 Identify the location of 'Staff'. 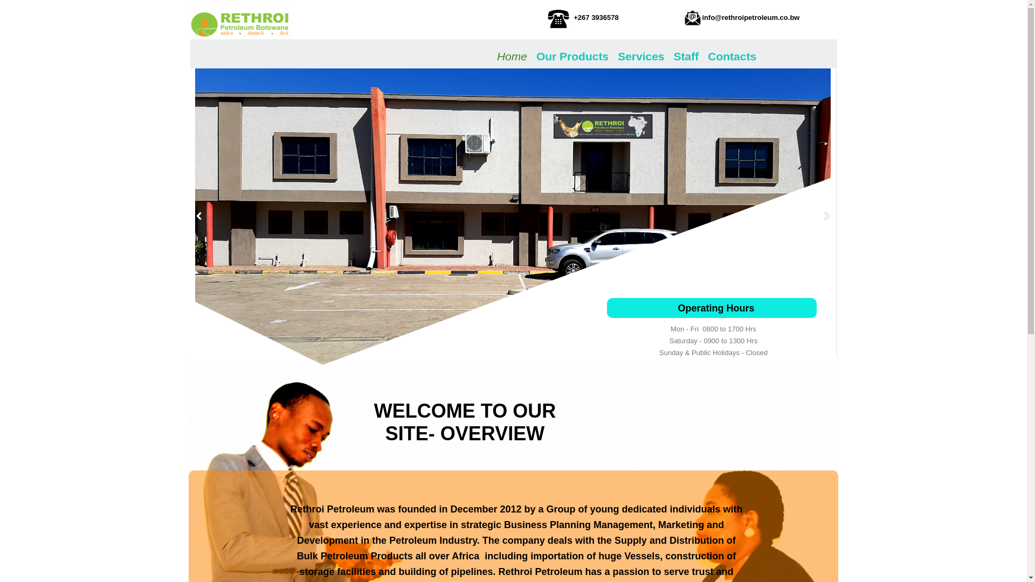
(686, 54).